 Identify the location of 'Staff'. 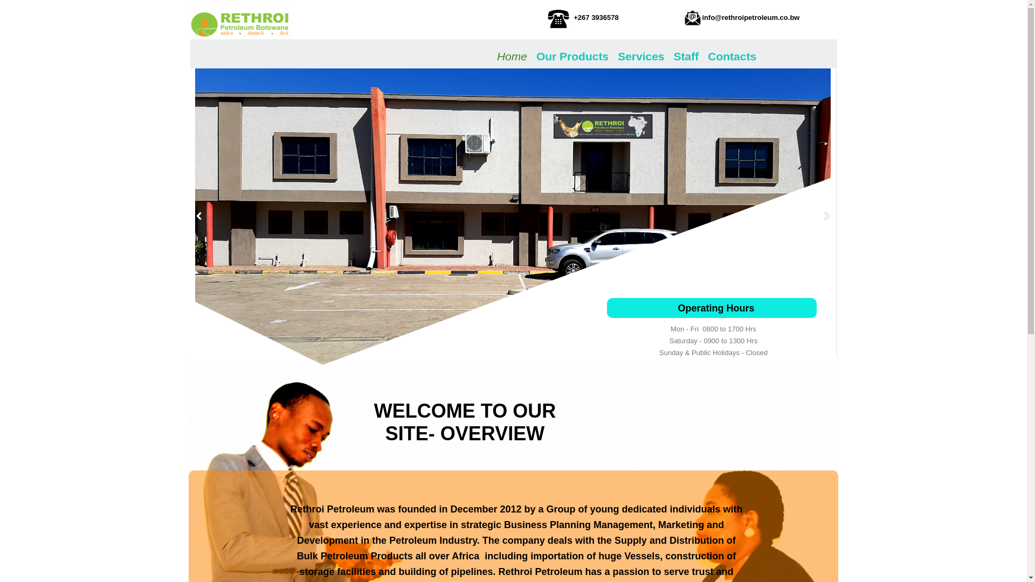
(686, 54).